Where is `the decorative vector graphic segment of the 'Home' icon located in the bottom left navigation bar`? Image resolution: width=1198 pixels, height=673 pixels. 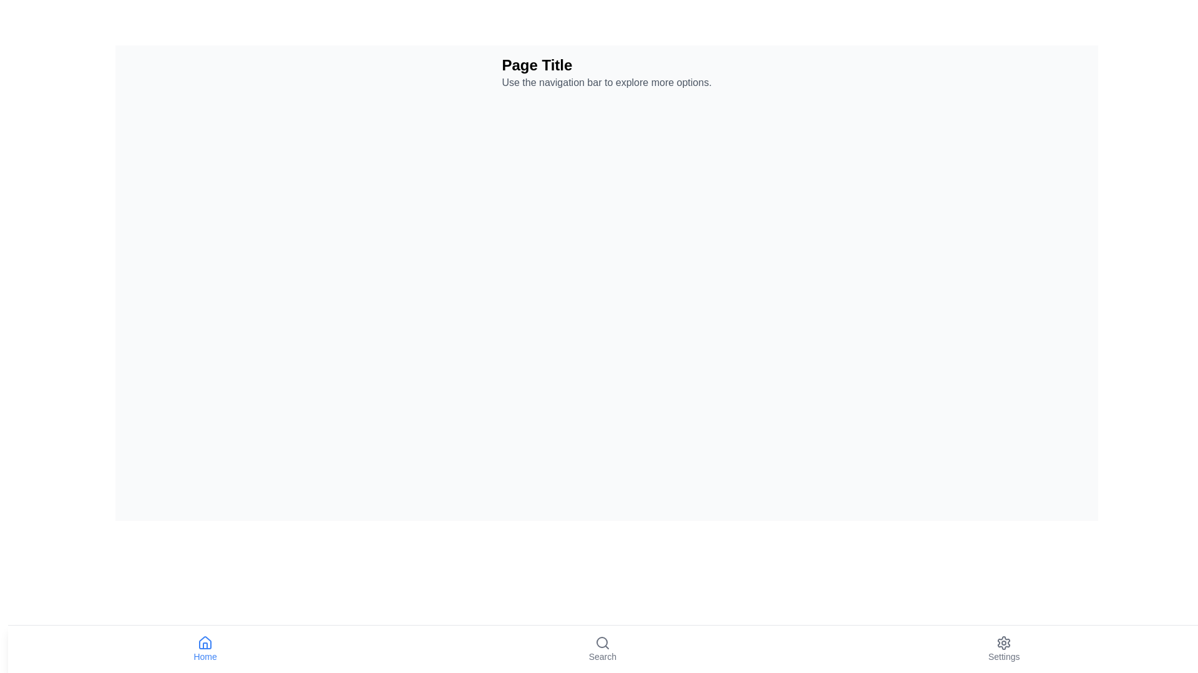 the decorative vector graphic segment of the 'Home' icon located in the bottom left navigation bar is located at coordinates (205, 645).